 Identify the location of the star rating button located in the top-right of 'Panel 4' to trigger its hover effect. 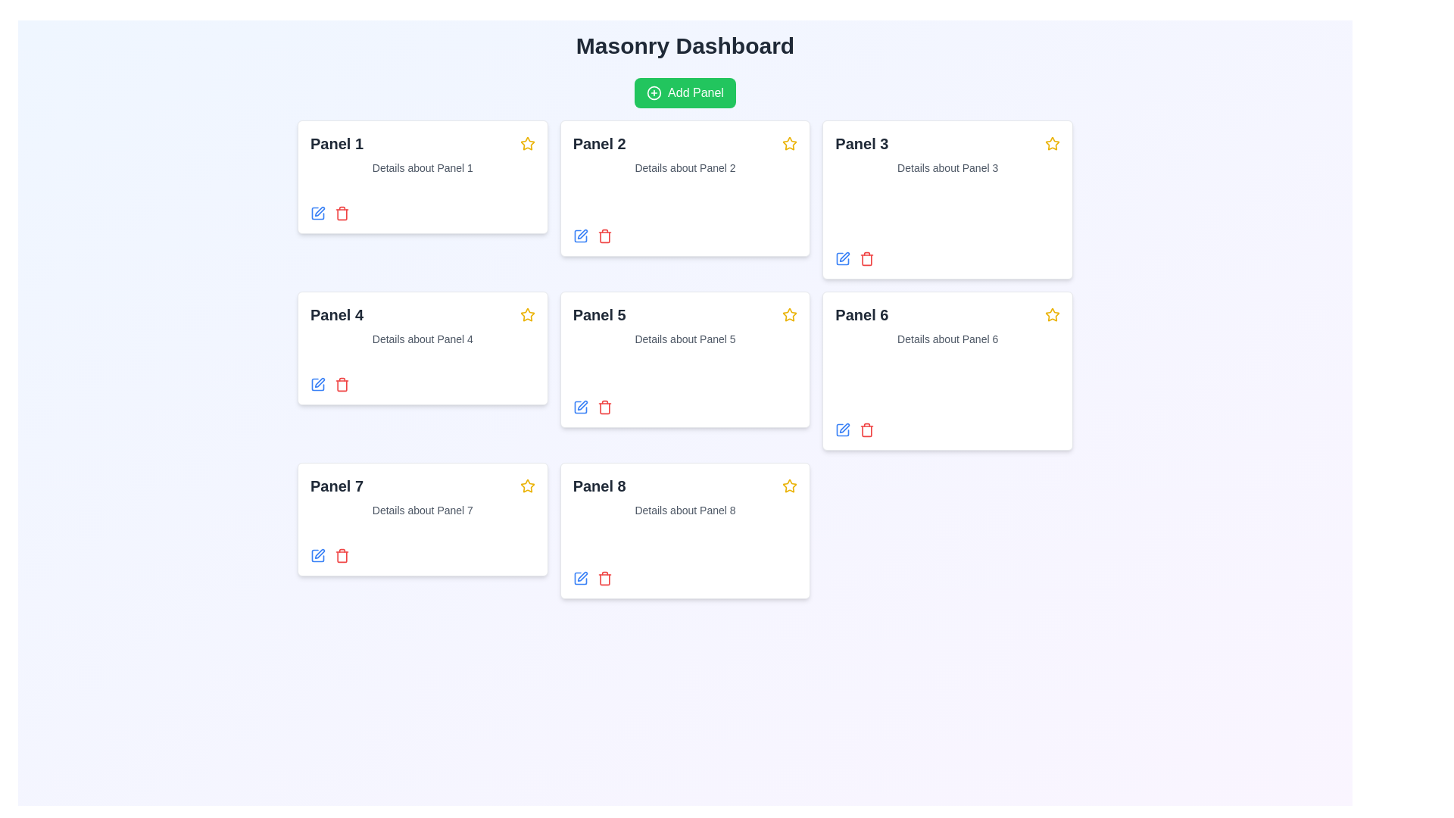
(527, 314).